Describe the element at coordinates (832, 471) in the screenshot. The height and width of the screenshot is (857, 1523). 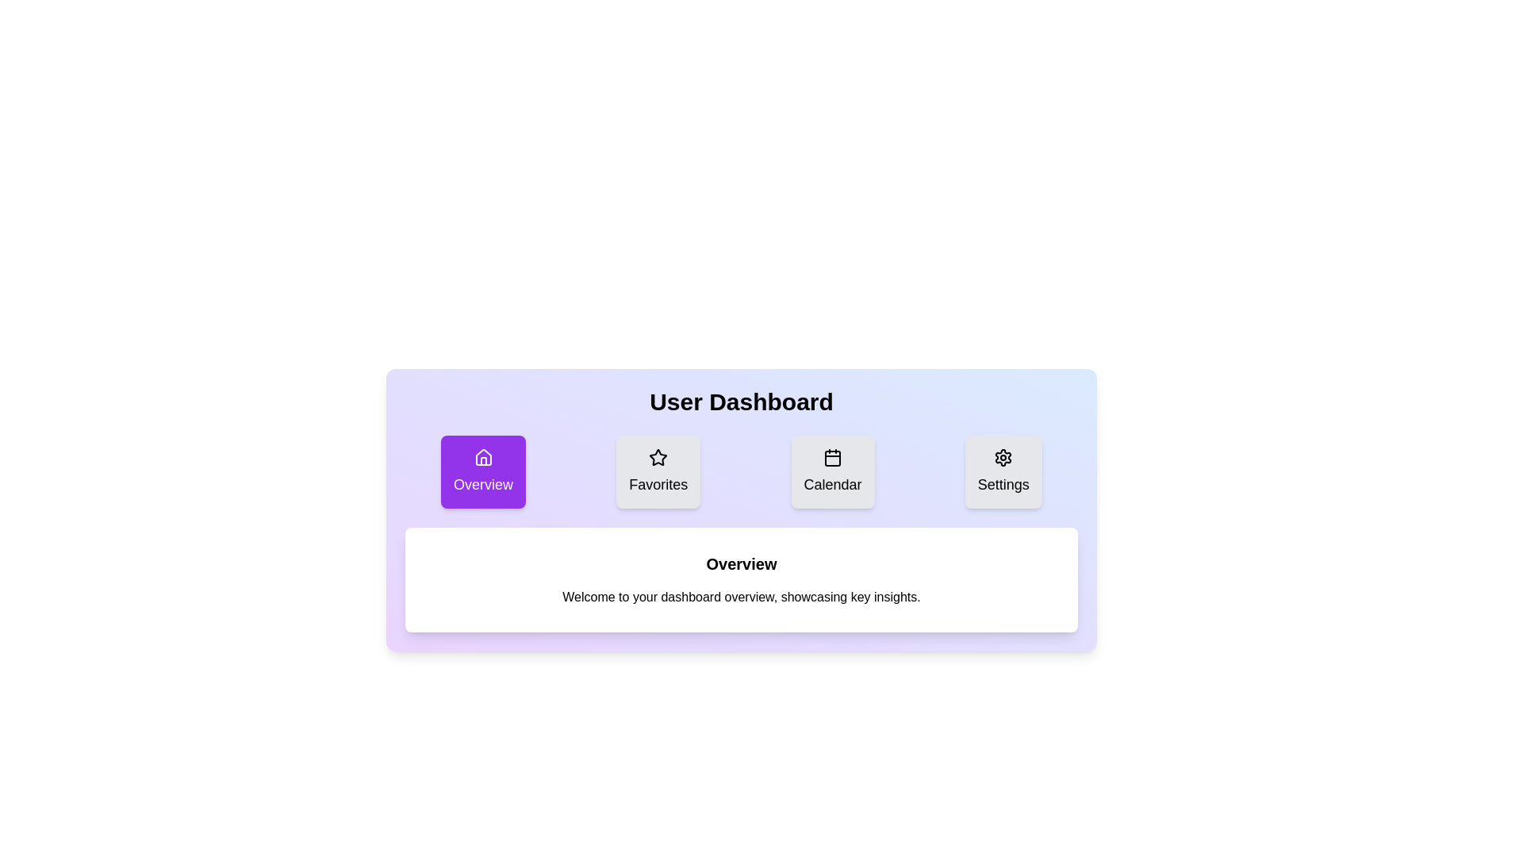
I see `the Calendar tab to view its content` at that location.